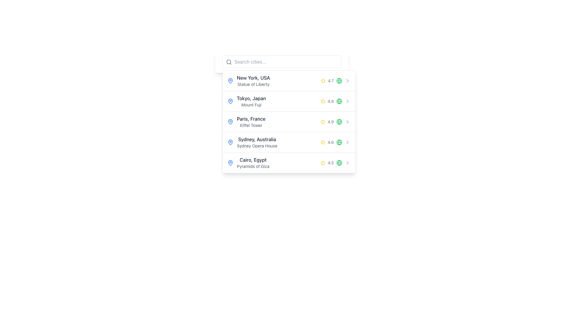 The image size is (571, 321). I want to click on the inner circular component of the globe icon located to the right of the row containing 'Tokyo, Japan (Mount Fuji)', so click(339, 101).